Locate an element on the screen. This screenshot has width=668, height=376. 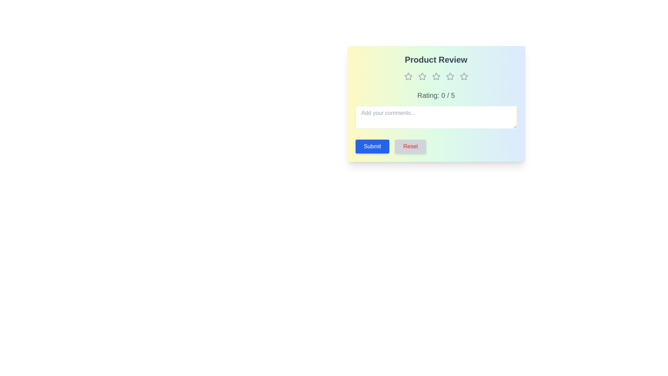
the star corresponding to 2 to set the rating is located at coordinates (422, 76).